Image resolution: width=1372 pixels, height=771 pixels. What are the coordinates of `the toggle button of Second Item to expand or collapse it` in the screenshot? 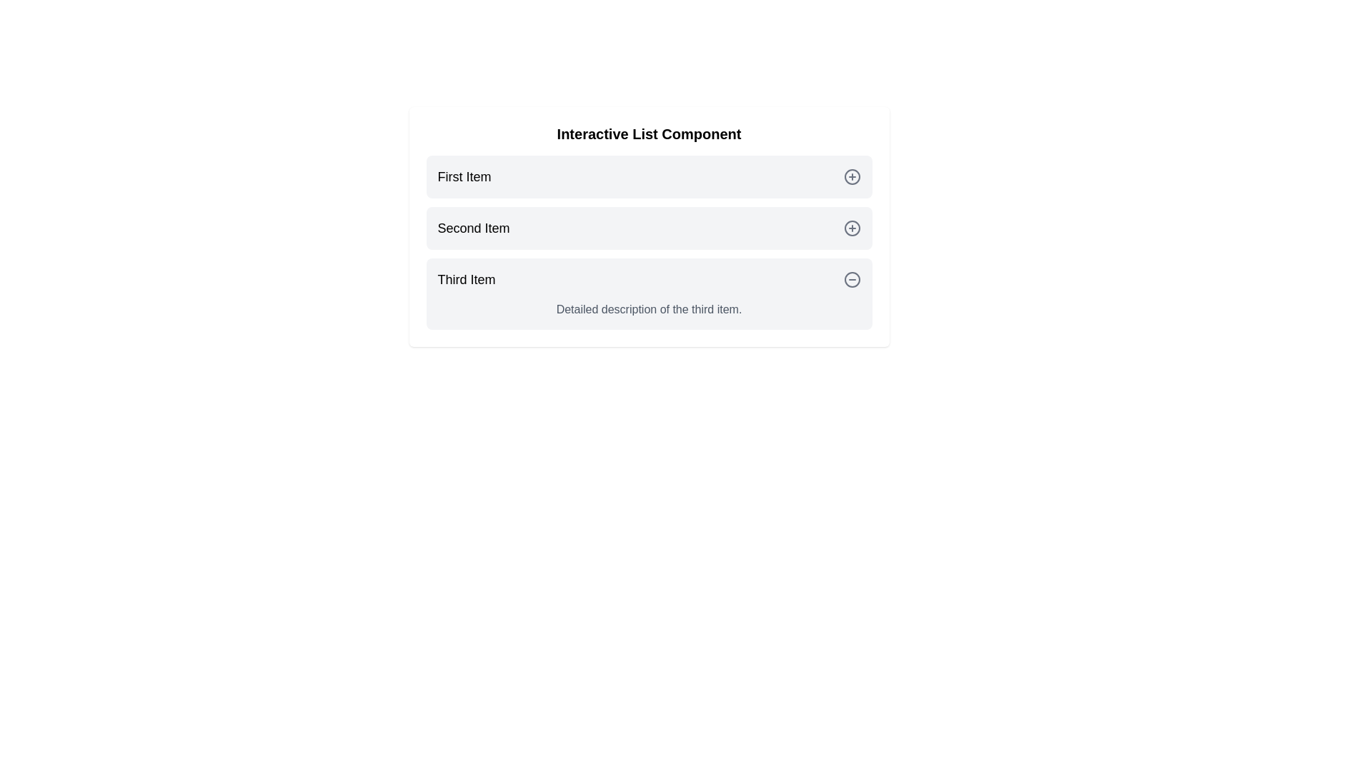 It's located at (852, 228).